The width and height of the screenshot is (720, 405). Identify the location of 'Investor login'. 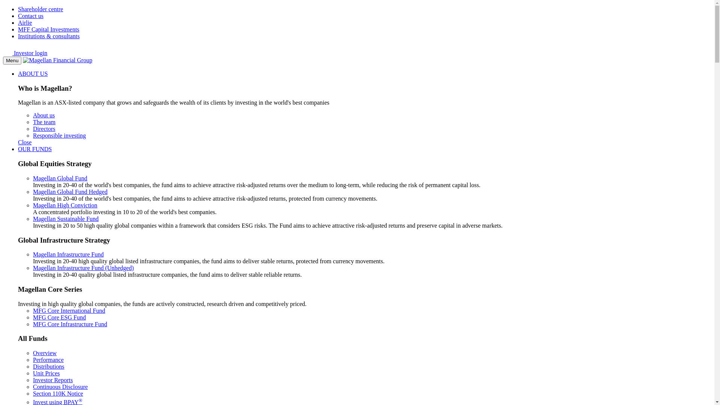
(25, 52).